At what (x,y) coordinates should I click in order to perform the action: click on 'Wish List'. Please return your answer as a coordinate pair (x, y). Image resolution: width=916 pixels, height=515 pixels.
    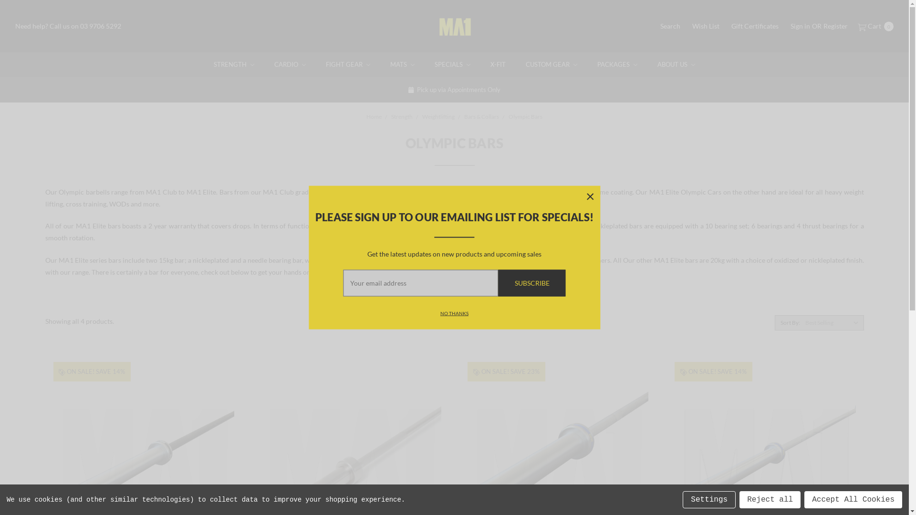
    Looking at the image, I should click on (706, 25).